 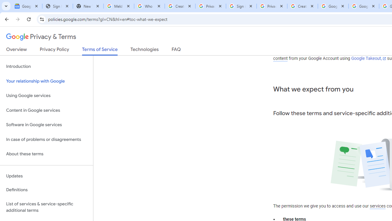 What do you see at coordinates (149, 6) in the screenshot?
I see `'Who is my administrator? - Google Account Help'` at bounding box center [149, 6].